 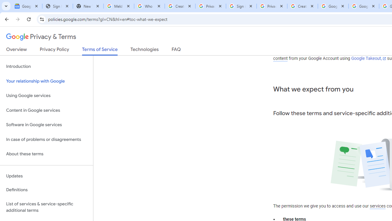 What do you see at coordinates (149, 6) in the screenshot?
I see `'Who is my administrator? - Google Account Help'` at bounding box center [149, 6].